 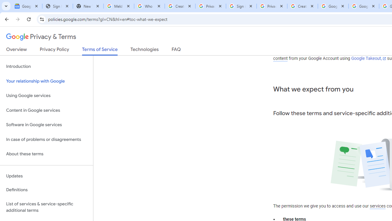 What do you see at coordinates (149, 6) in the screenshot?
I see `'Who is my administrator? - Google Account Help'` at bounding box center [149, 6].